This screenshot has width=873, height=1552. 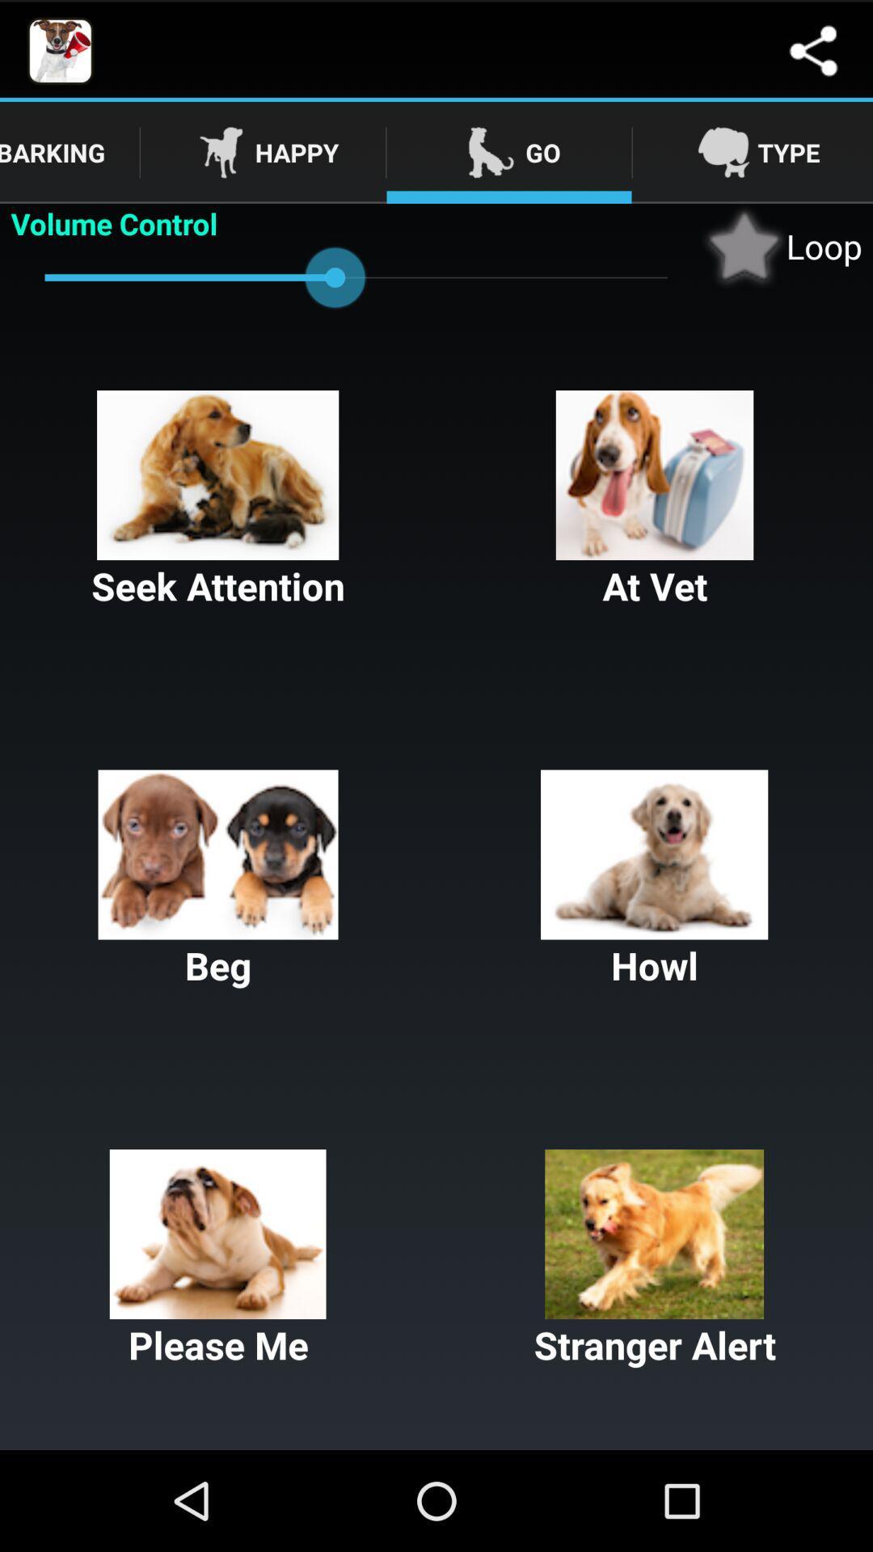 What do you see at coordinates (218, 879) in the screenshot?
I see `button to the left of the howl item` at bounding box center [218, 879].